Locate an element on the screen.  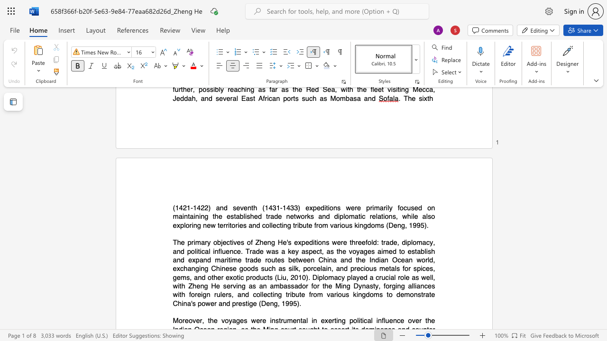
the subset text "estig" within the text "China" is located at coordinates (238, 303).